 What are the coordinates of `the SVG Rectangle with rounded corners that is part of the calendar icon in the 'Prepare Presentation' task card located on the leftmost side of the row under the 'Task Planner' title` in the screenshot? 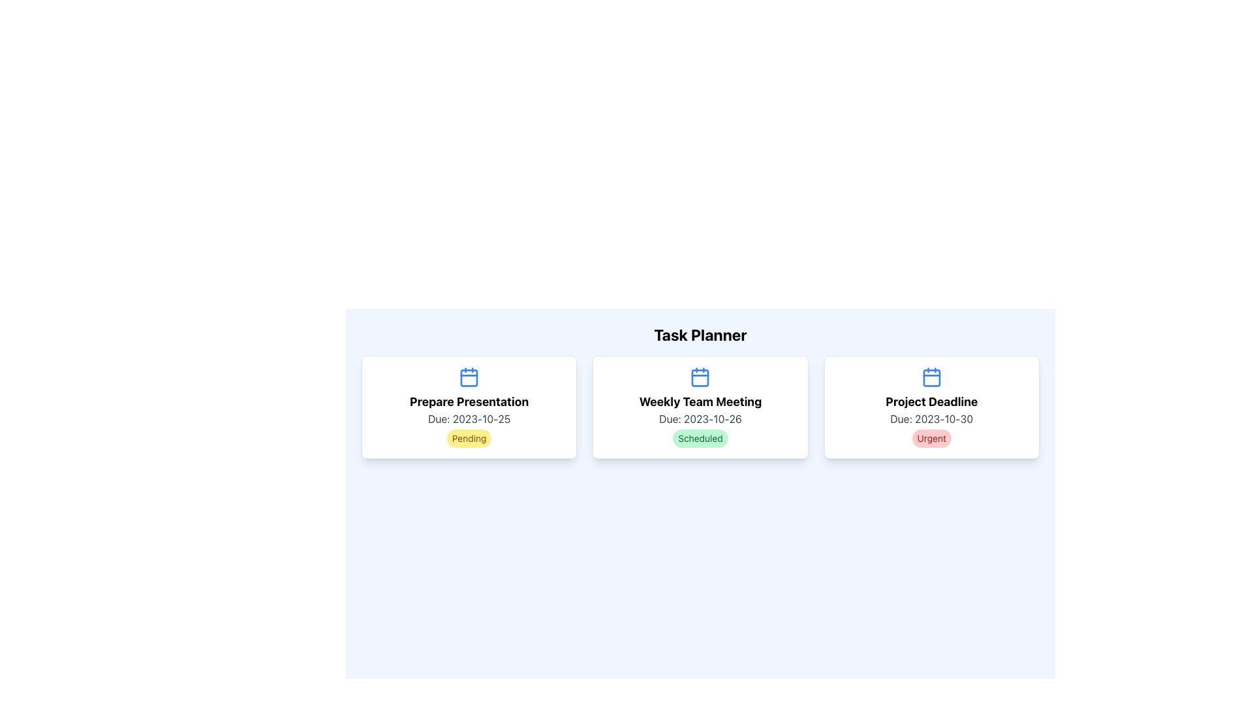 It's located at (469, 378).